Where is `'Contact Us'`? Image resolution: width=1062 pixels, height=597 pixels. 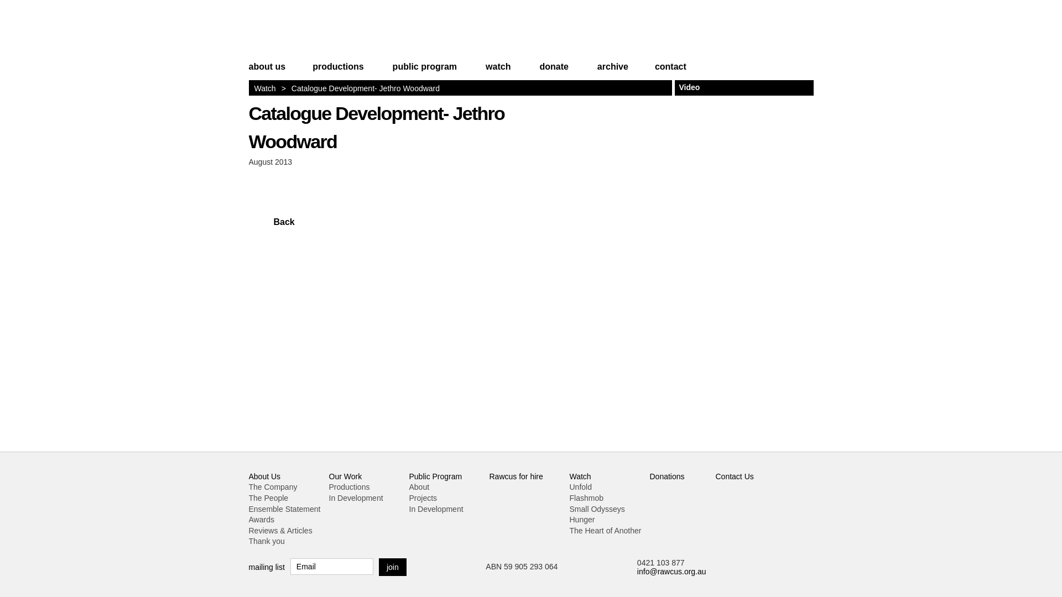
'Contact Us' is located at coordinates (735, 475).